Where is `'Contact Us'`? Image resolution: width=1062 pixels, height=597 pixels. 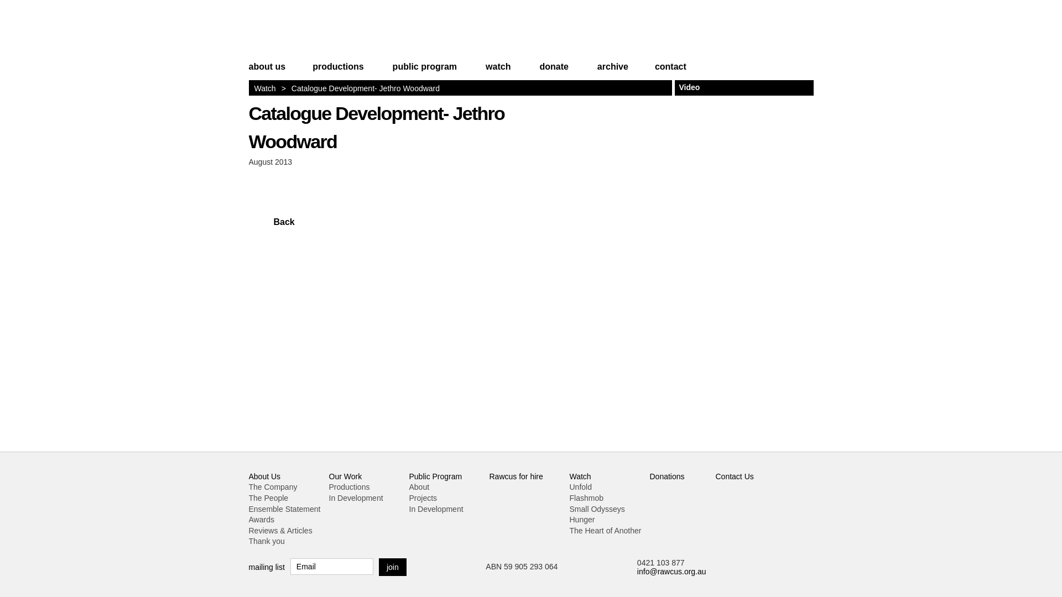
'Contact Us' is located at coordinates (735, 475).